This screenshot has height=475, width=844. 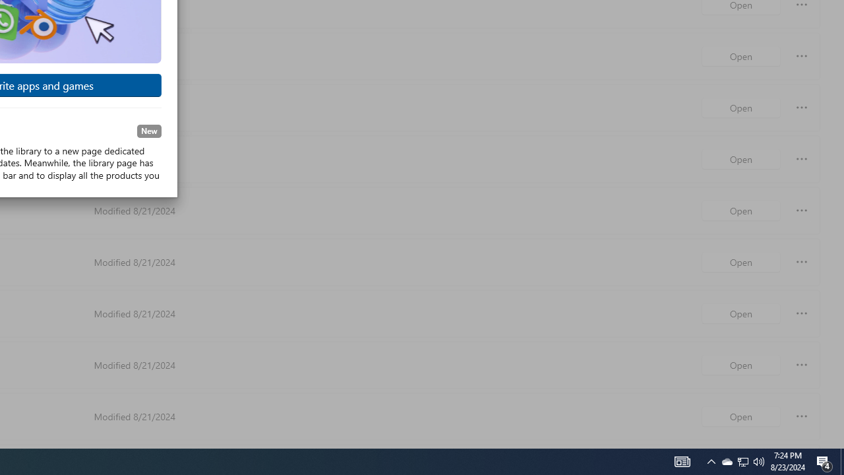 What do you see at coordinates (801, 416) in the screenshot?
I see `'More options'` at bounding box center [801, 416].